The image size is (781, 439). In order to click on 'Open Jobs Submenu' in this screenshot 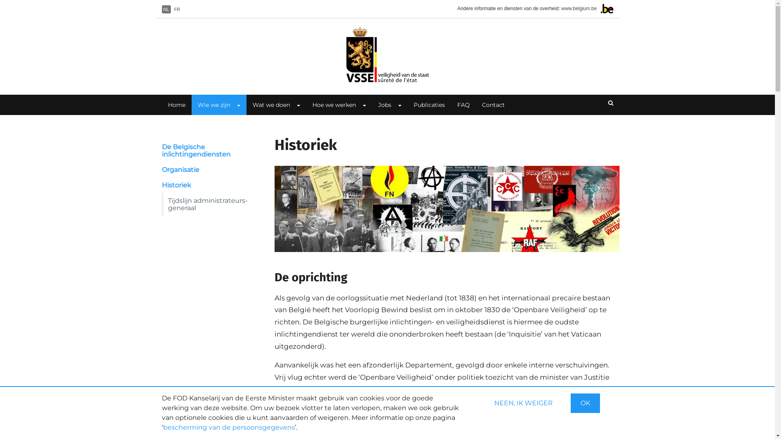, I will do `click(399, 104)`.